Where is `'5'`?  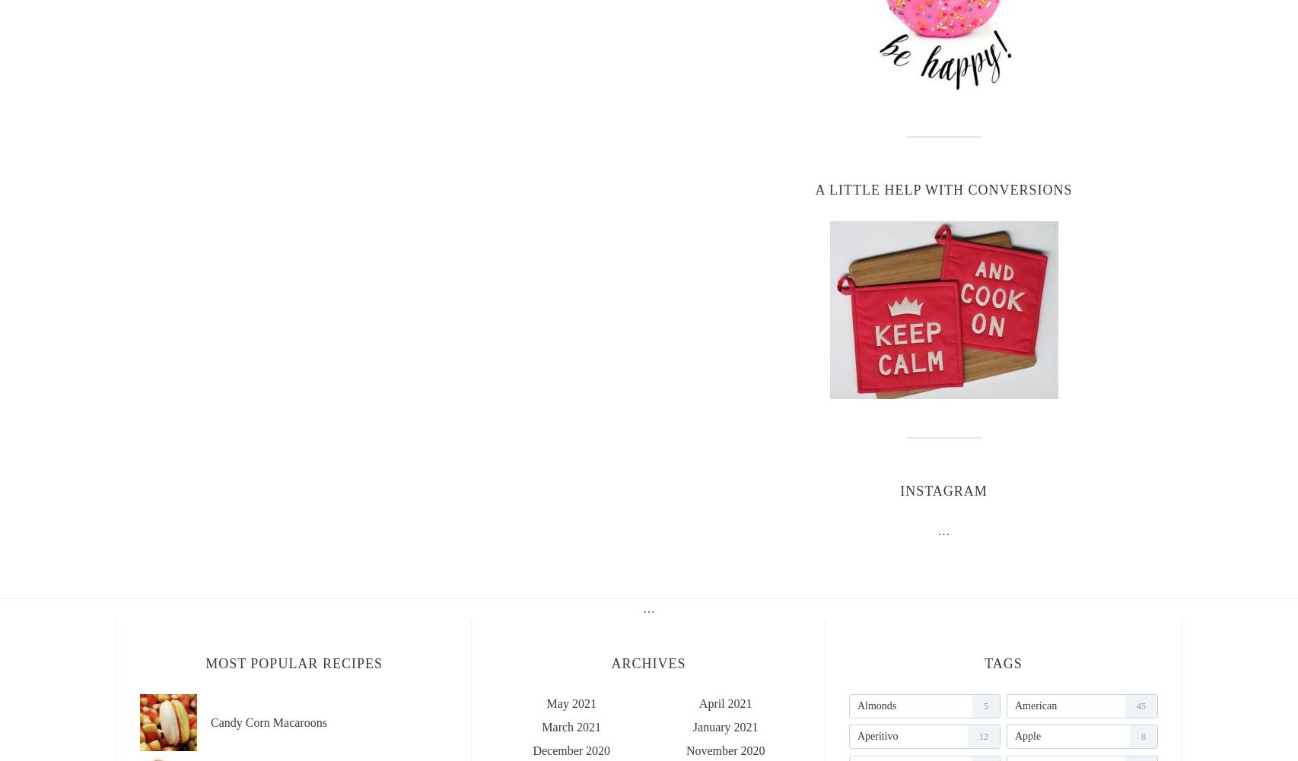 '5' is located at coordinates (985, 706).